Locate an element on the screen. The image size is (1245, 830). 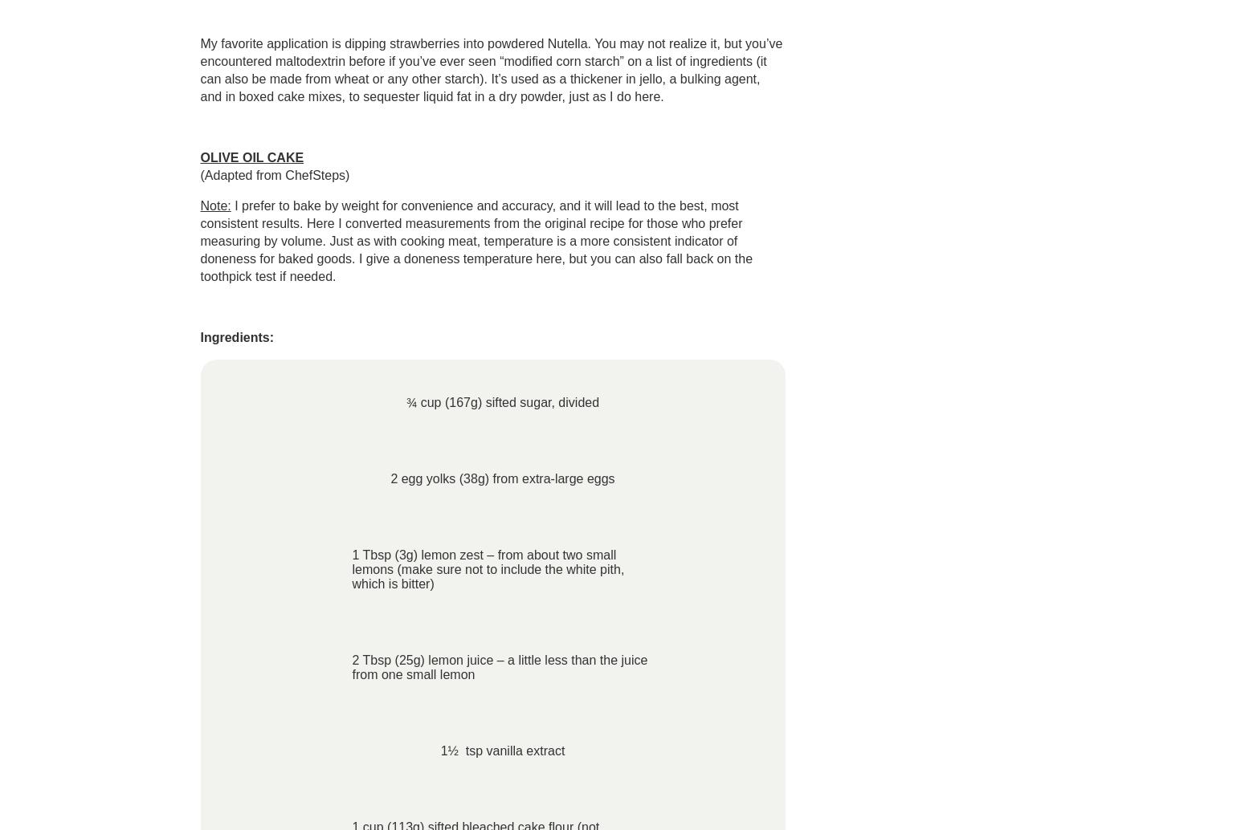
'I prefer to bake by weight for convenience and accuracy, and it will lead to the best, most consistent results. Here I converted measurements from the original recipe for those who prefer measuring by volume. Just as with cooking meat, temperature is a more consistent indicator of doneness for baked goods. I give a doneness temperature here, but you can also fall back on the toothpick test if needed.' is located at coordinates (476, 240).